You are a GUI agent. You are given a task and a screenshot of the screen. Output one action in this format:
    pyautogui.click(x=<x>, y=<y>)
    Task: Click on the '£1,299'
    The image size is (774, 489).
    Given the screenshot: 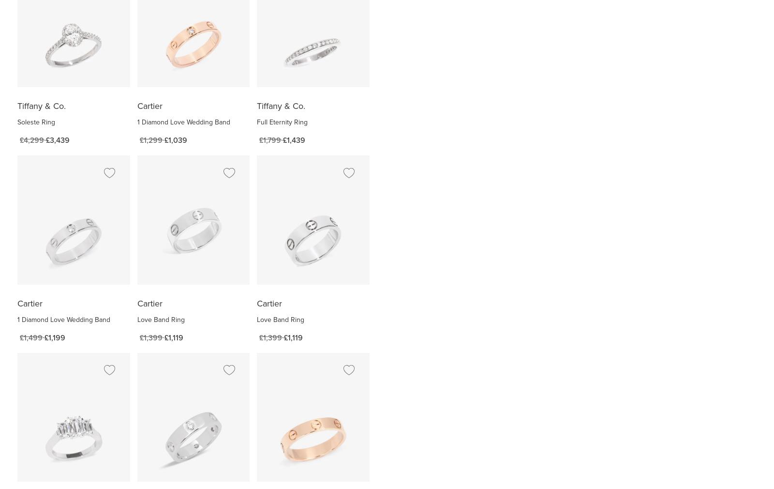 What is the action you would take?
    pyautogui.click(x=150, y=140)
    